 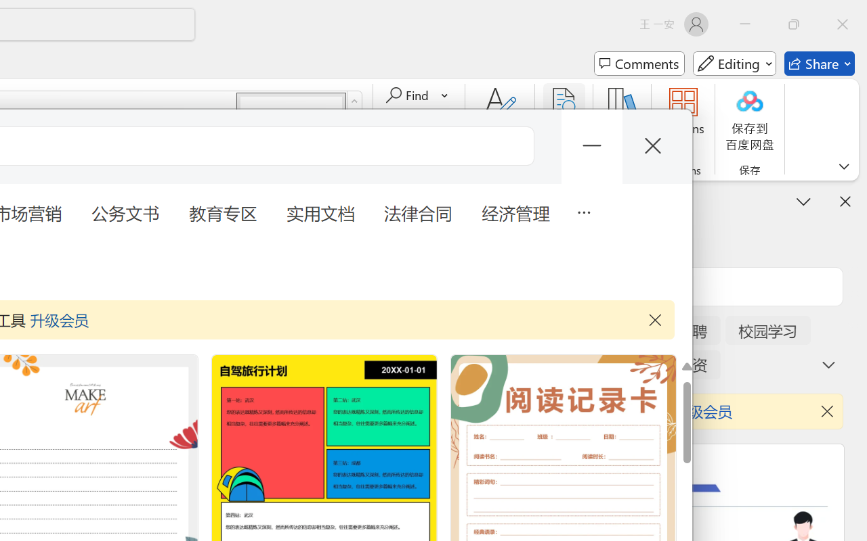 What do you see at coordinates (843, 166) in the screenshot?
I see `'Ribbon Display Options'` at bounding box center [843, 166].